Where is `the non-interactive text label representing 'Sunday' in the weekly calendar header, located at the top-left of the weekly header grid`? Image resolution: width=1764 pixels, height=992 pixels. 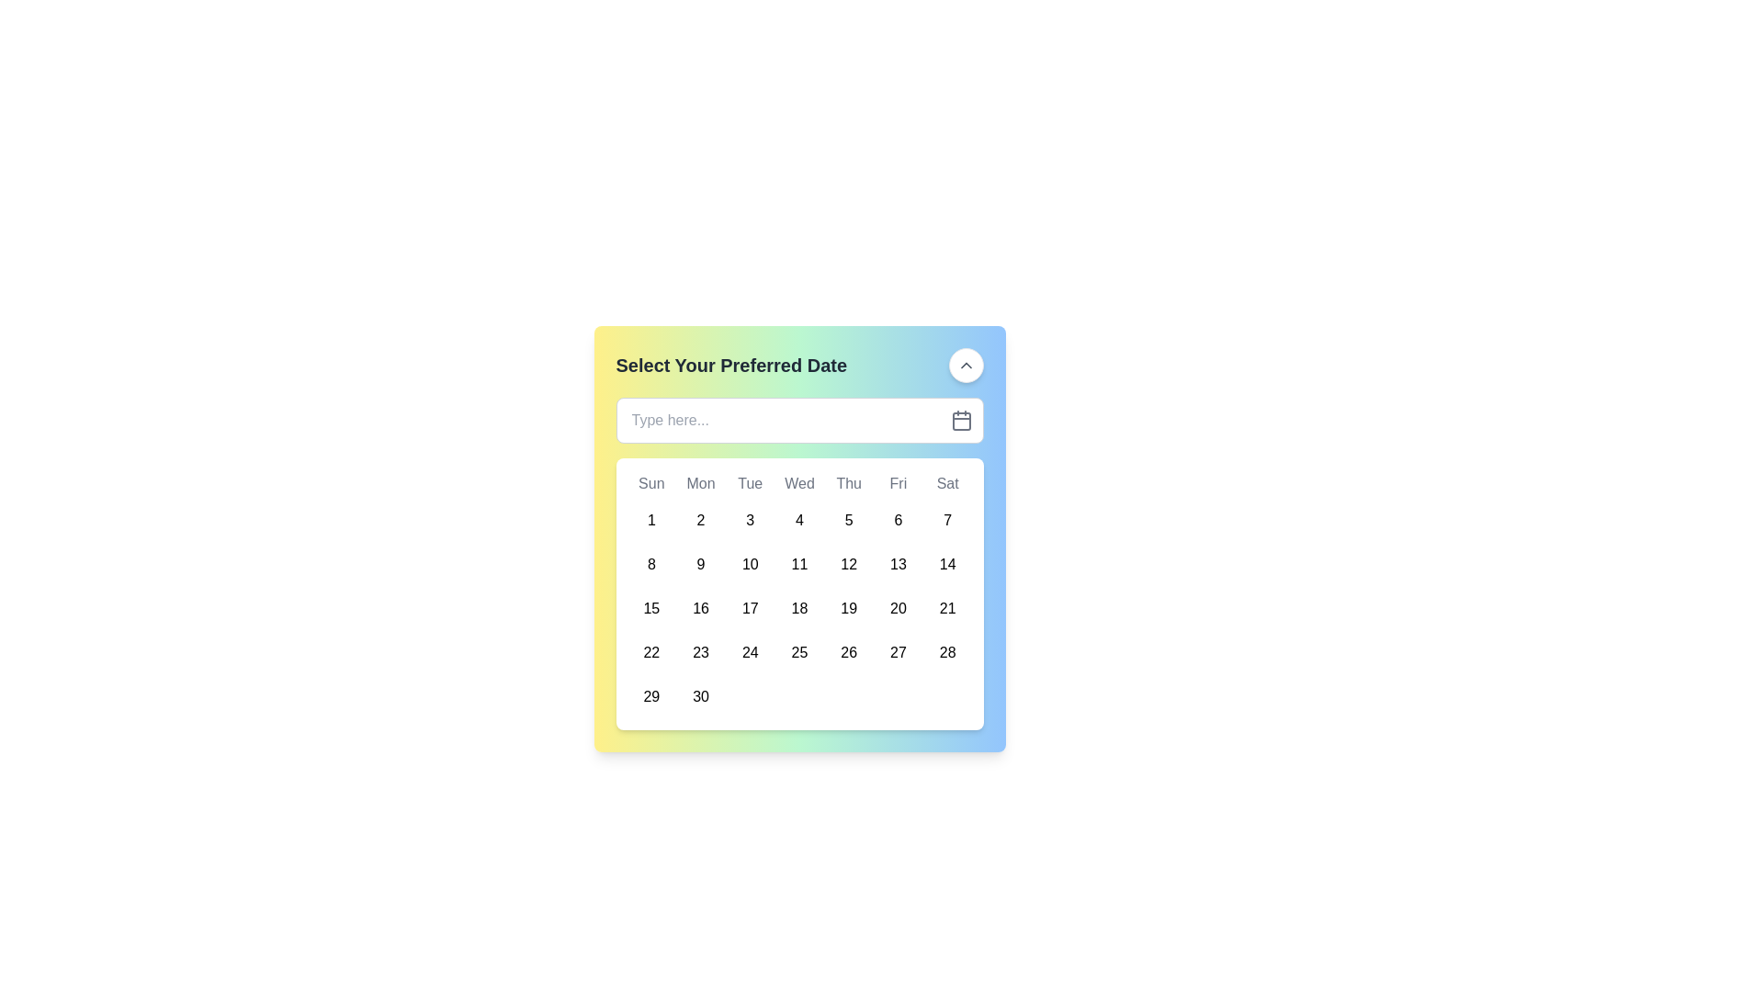 the non-interactive text label representing 'Sunday' in the weekly calendar header, located at the top-left of the weekly header grid is located at coordinates (651, 483).